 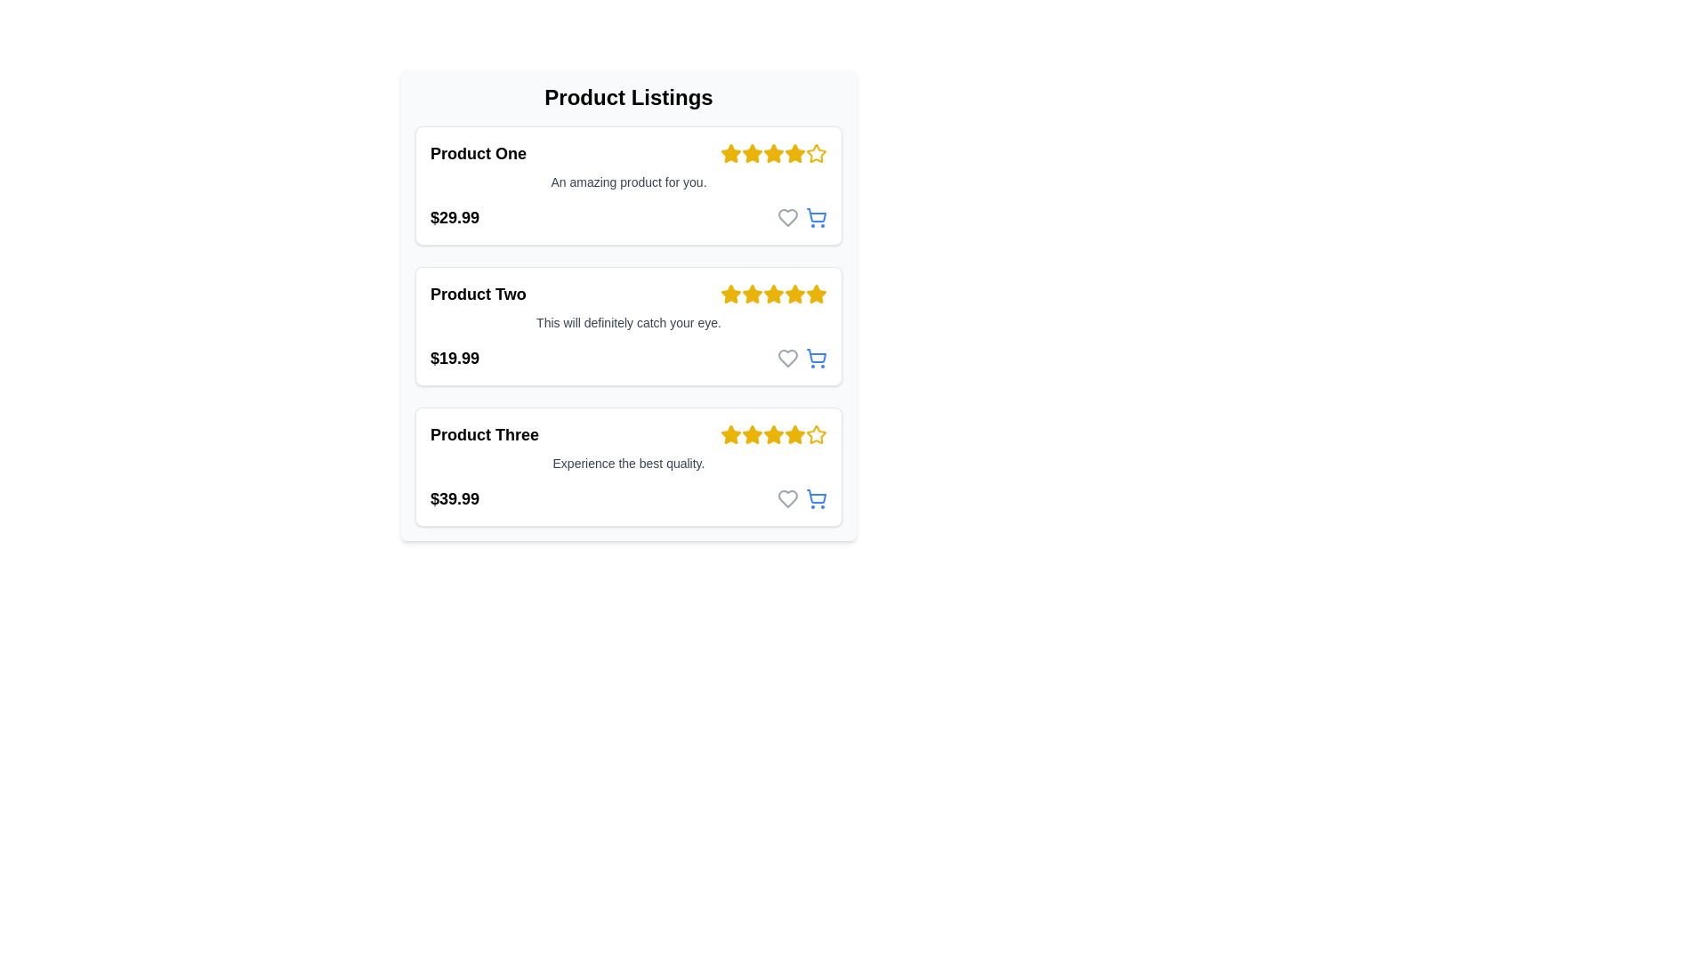 I want to click on the icon located at the bottom-right corner of 'Product Three', so click(x=815, y=498).